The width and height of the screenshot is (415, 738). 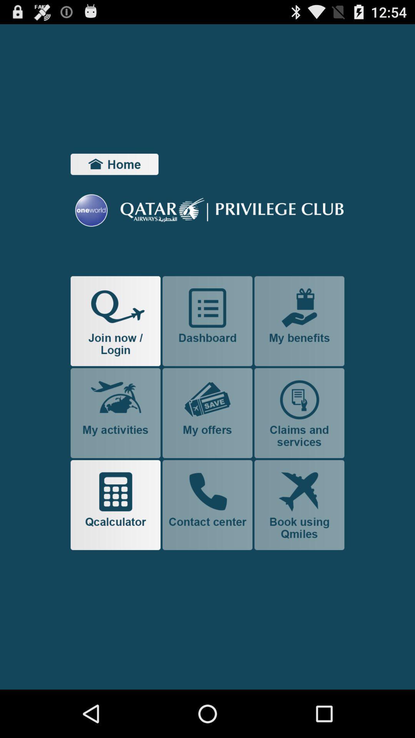 What do you see at coordinates (299, 505) in the screenshot?
I see `choose book using qmiles` at bounding box center [299, 505].